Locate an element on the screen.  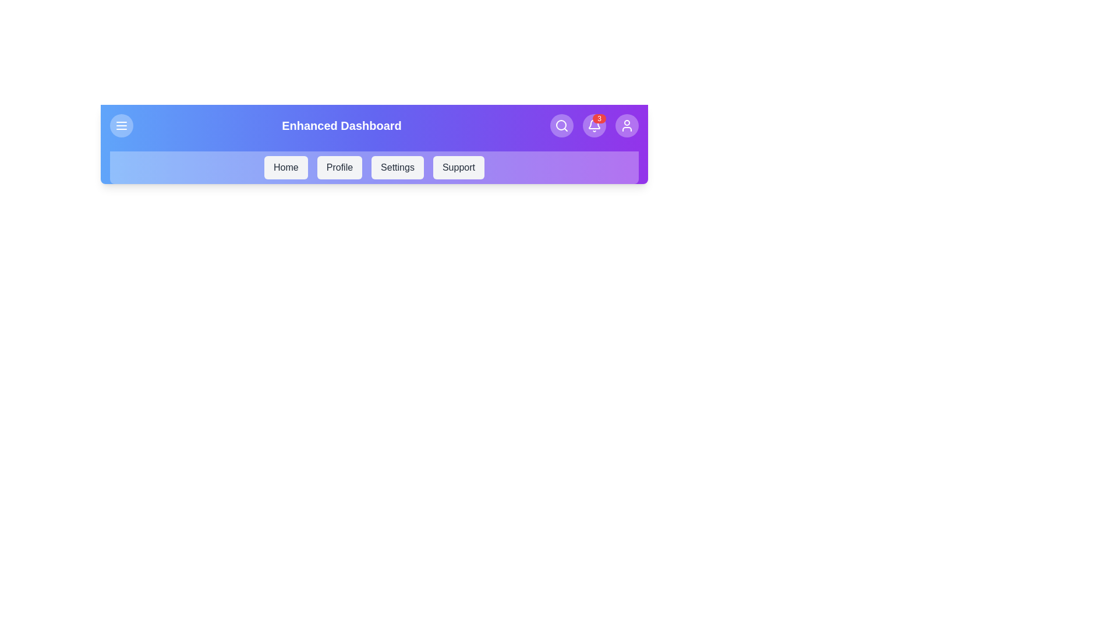
the menu item labeled Settings is located at coordinates (397, 168).